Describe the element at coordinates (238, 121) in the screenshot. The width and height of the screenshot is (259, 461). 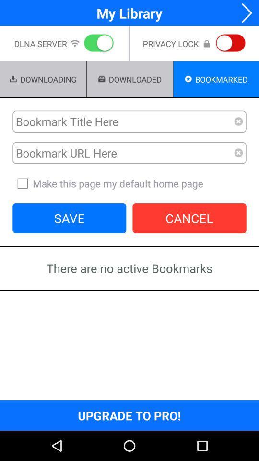
I see `delete bookmark title` at that location.